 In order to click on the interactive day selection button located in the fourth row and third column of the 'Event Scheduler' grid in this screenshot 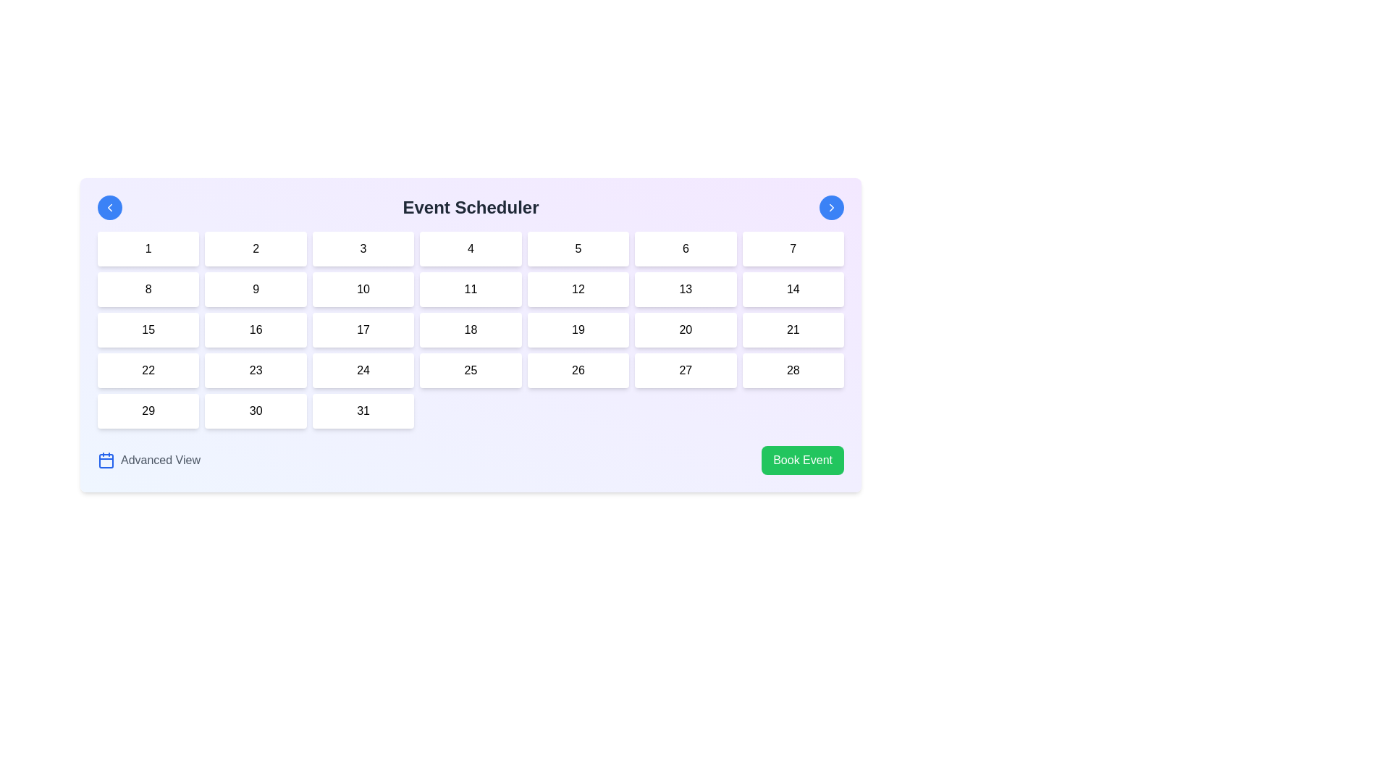, I will do `click(363, 370)`.